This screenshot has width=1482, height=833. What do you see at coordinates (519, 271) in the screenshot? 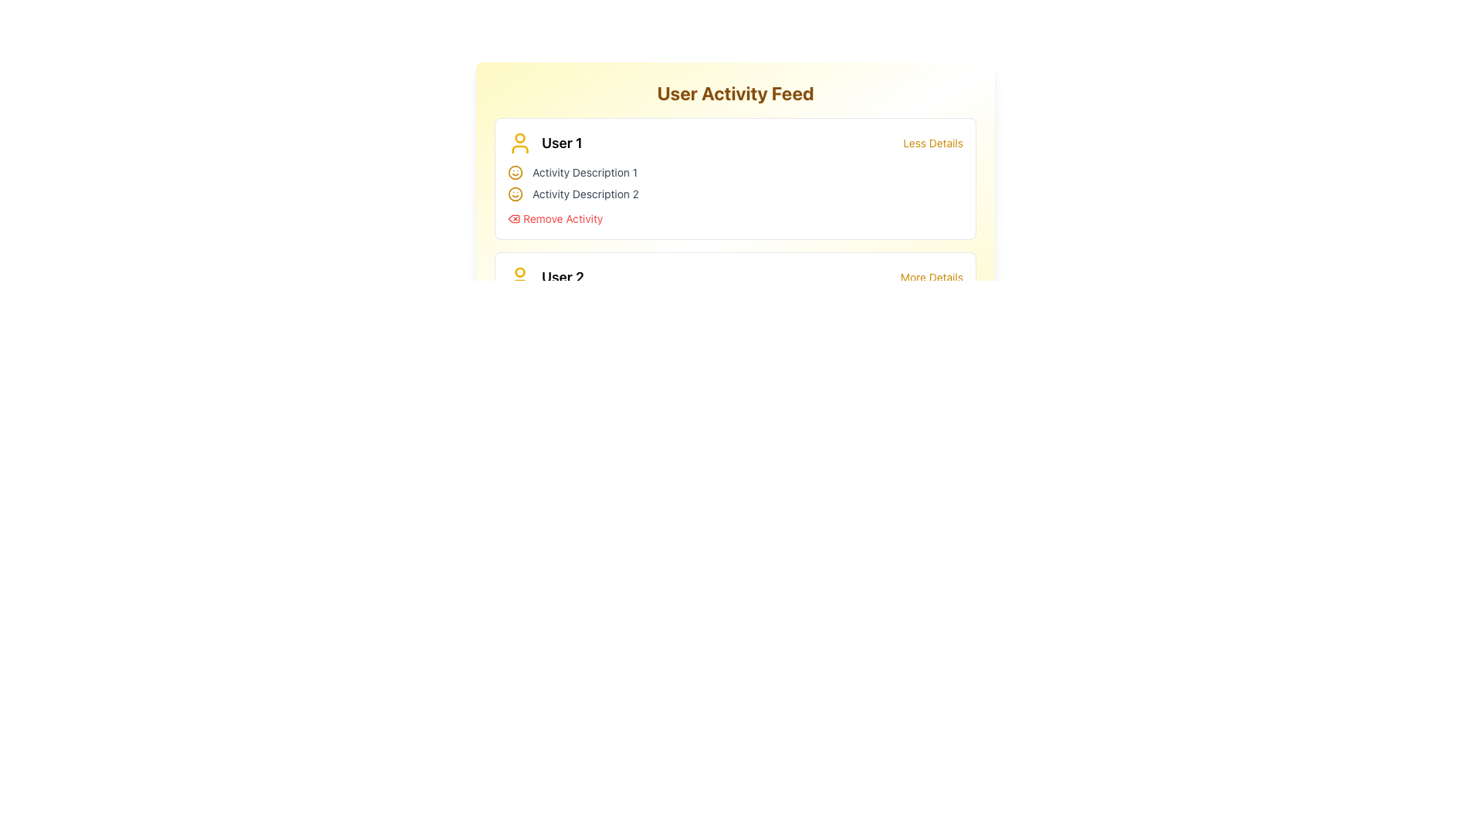
I see `the SVG Circle representing the head portion of the user profile icon for 'User 1' in the 'User Activity Feed' section` at bounding box center [519, 271].